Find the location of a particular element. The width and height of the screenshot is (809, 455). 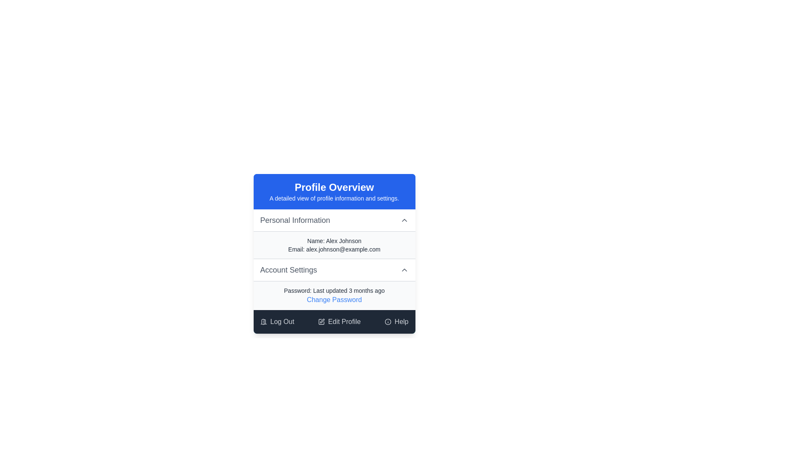

the small circular icon with an 'i' symbol located in the dark footer of the profile overview card is located at coordinates (387, 321).